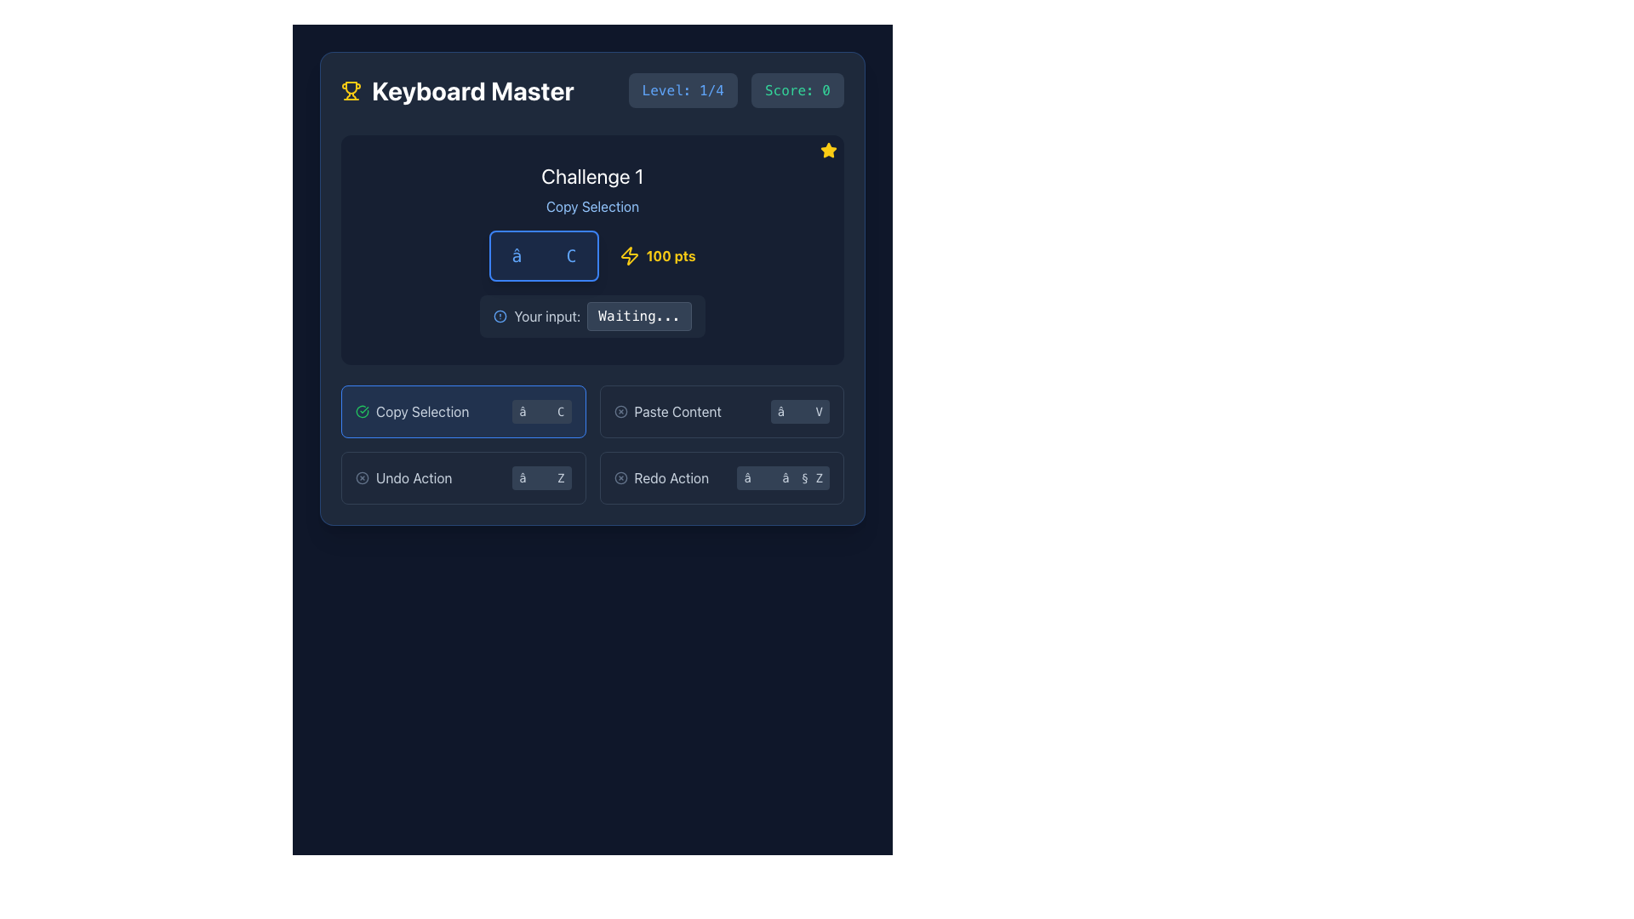  Describe the element at coordinates (722, 478) in the screenshot. I see `the informational display element indicating the redo action, located in the bottom-right cell of the 2x2 grid layout` at that location.